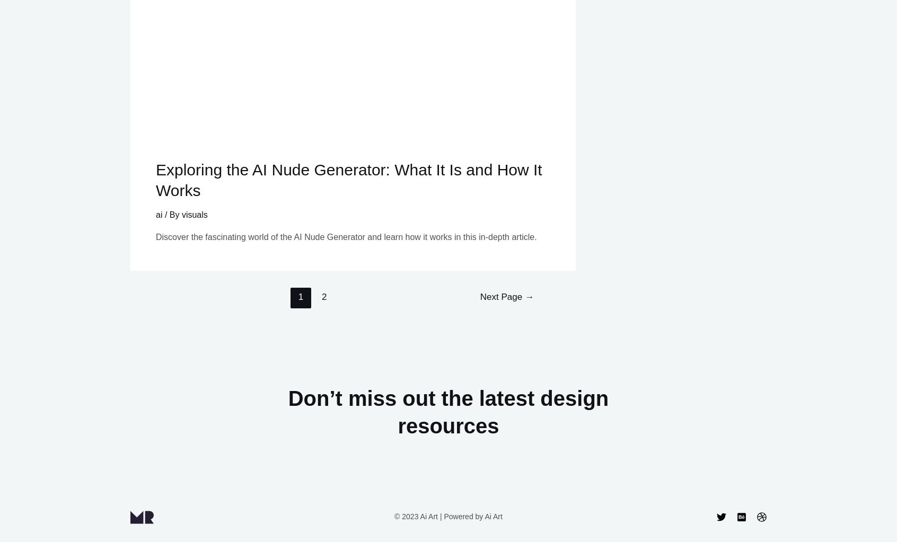 This screenshot has height=542, width=897. Describe the element at coordinates (171, 214) in the screenshot. I see `'/ By'` at that location.